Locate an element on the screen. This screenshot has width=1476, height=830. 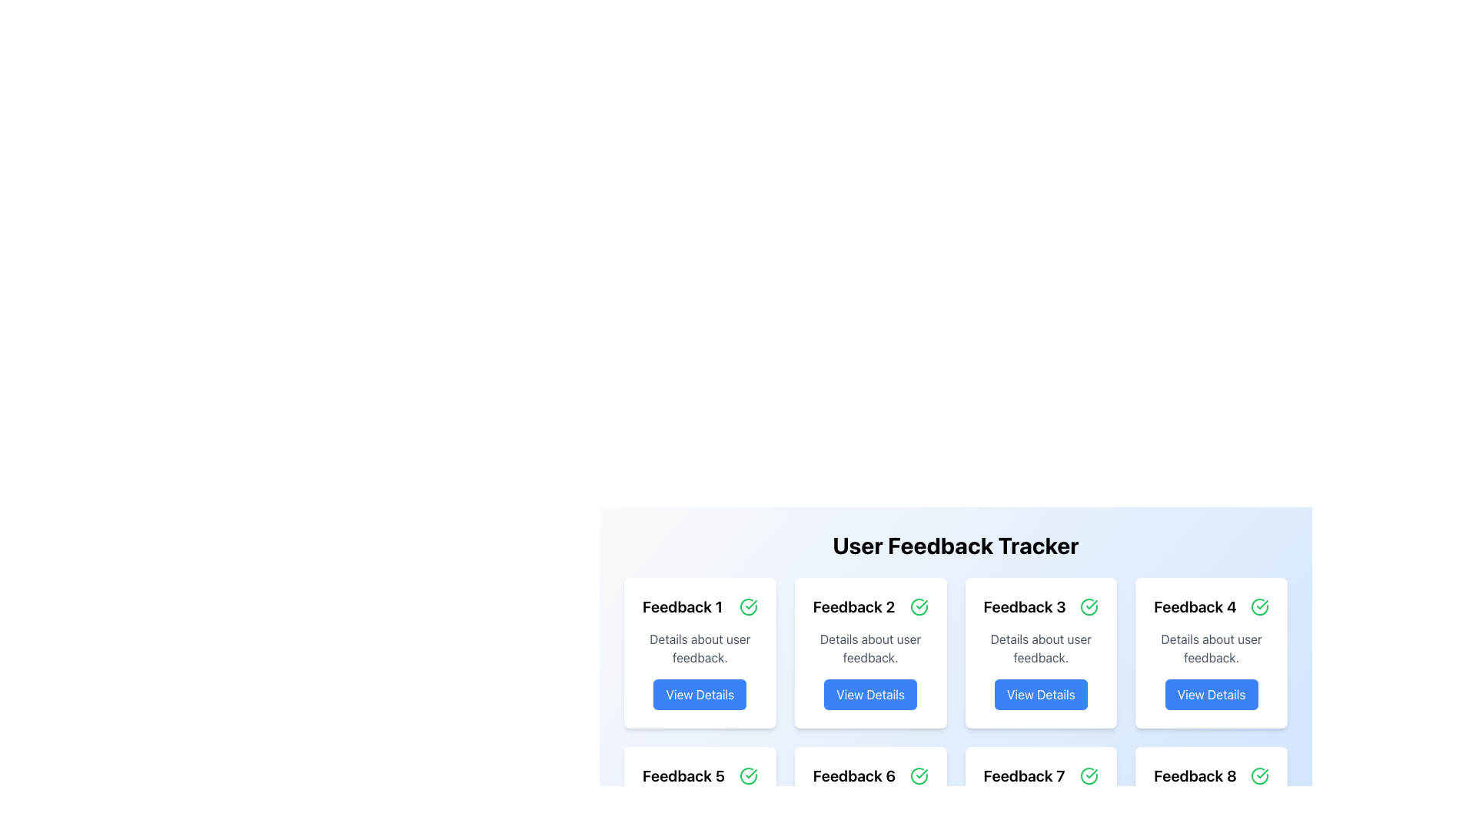
text label identifying the specific feedback entry located at the lower row of the feedback grid, directly beneath 'Feedback 1' is located at coordinates (683, 776).